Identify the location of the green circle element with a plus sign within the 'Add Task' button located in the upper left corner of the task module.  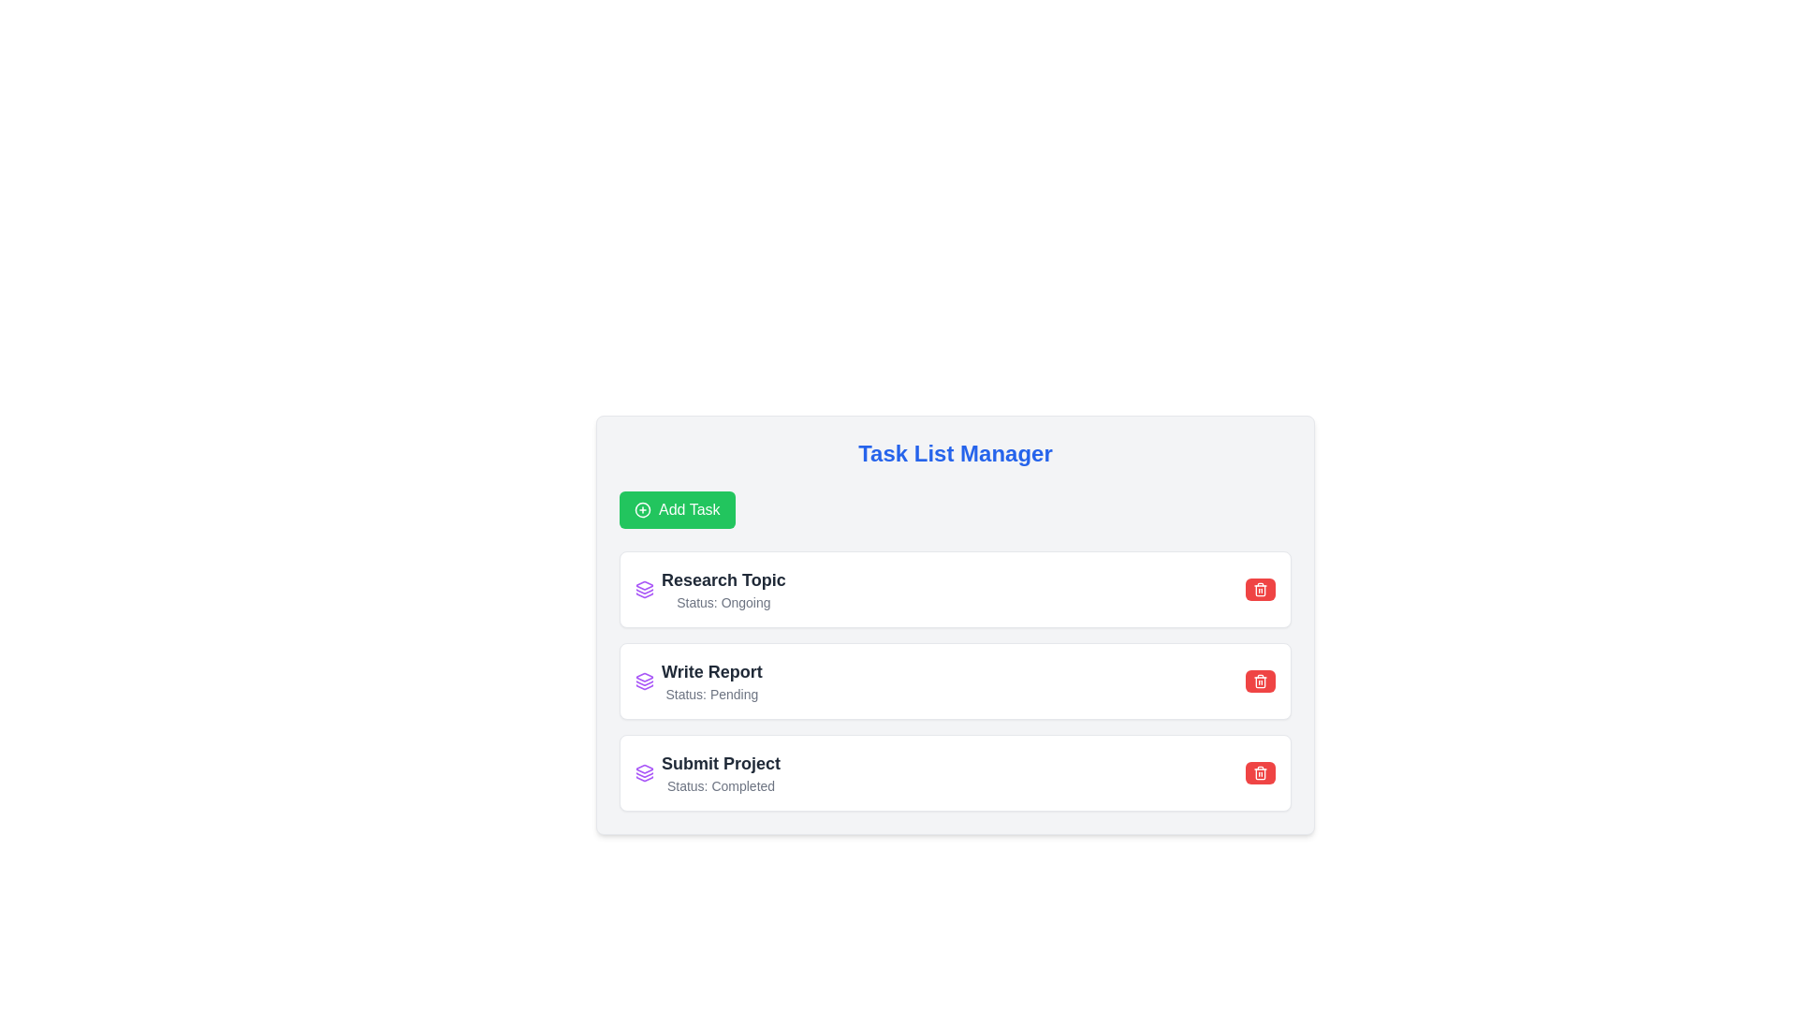
(642, 509).